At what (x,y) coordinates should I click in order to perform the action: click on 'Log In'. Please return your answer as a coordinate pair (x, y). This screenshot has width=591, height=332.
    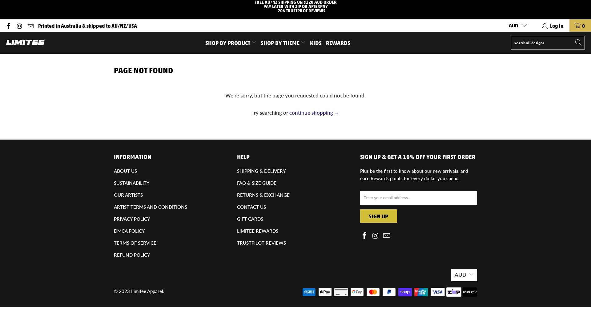
    Looking at the image, I should click on (553, 25).